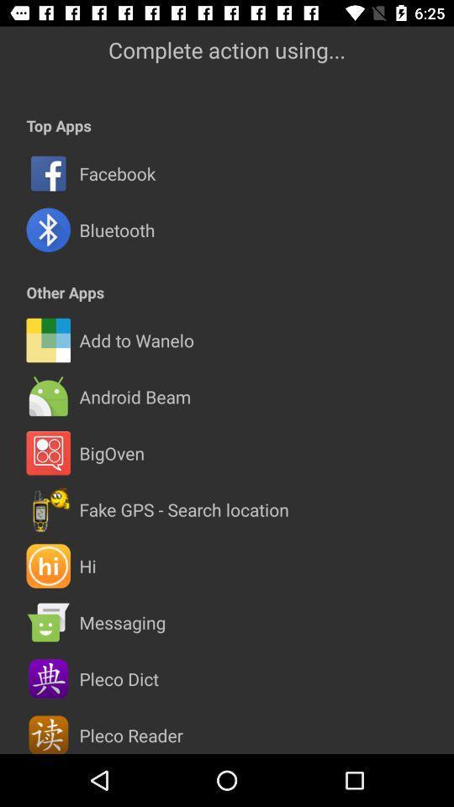 The image size is (454, 807). I want to click on the fake gps search icon, so click(183, 509).